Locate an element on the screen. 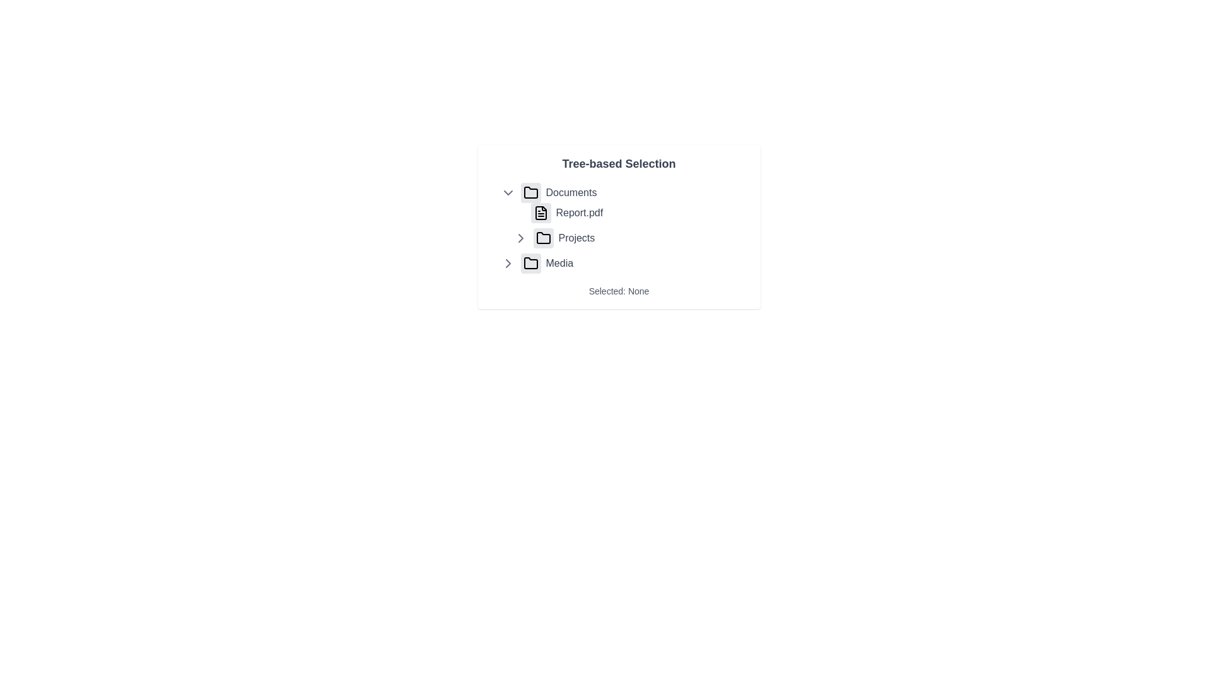 The height and width of the screenshot is (681, 1211). the 'Media' folder in the tree-based selection system for interaction is located at coordinates (625, 262).